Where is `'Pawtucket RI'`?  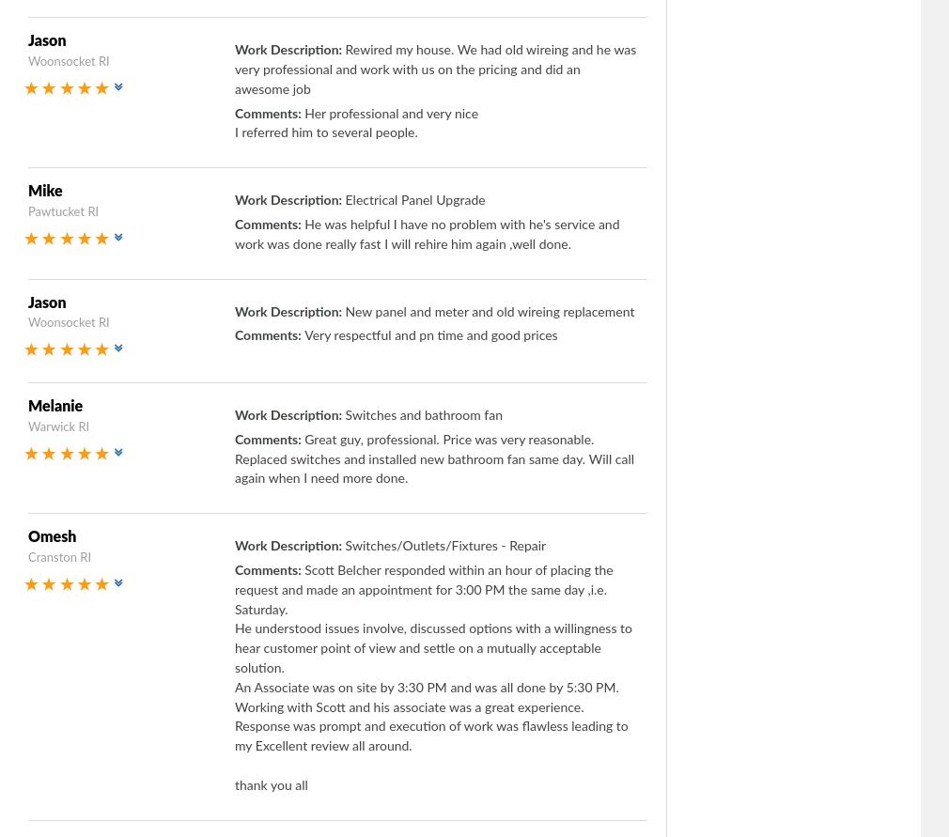
'Pawtucket RI' is located at coordinates (62, 212).